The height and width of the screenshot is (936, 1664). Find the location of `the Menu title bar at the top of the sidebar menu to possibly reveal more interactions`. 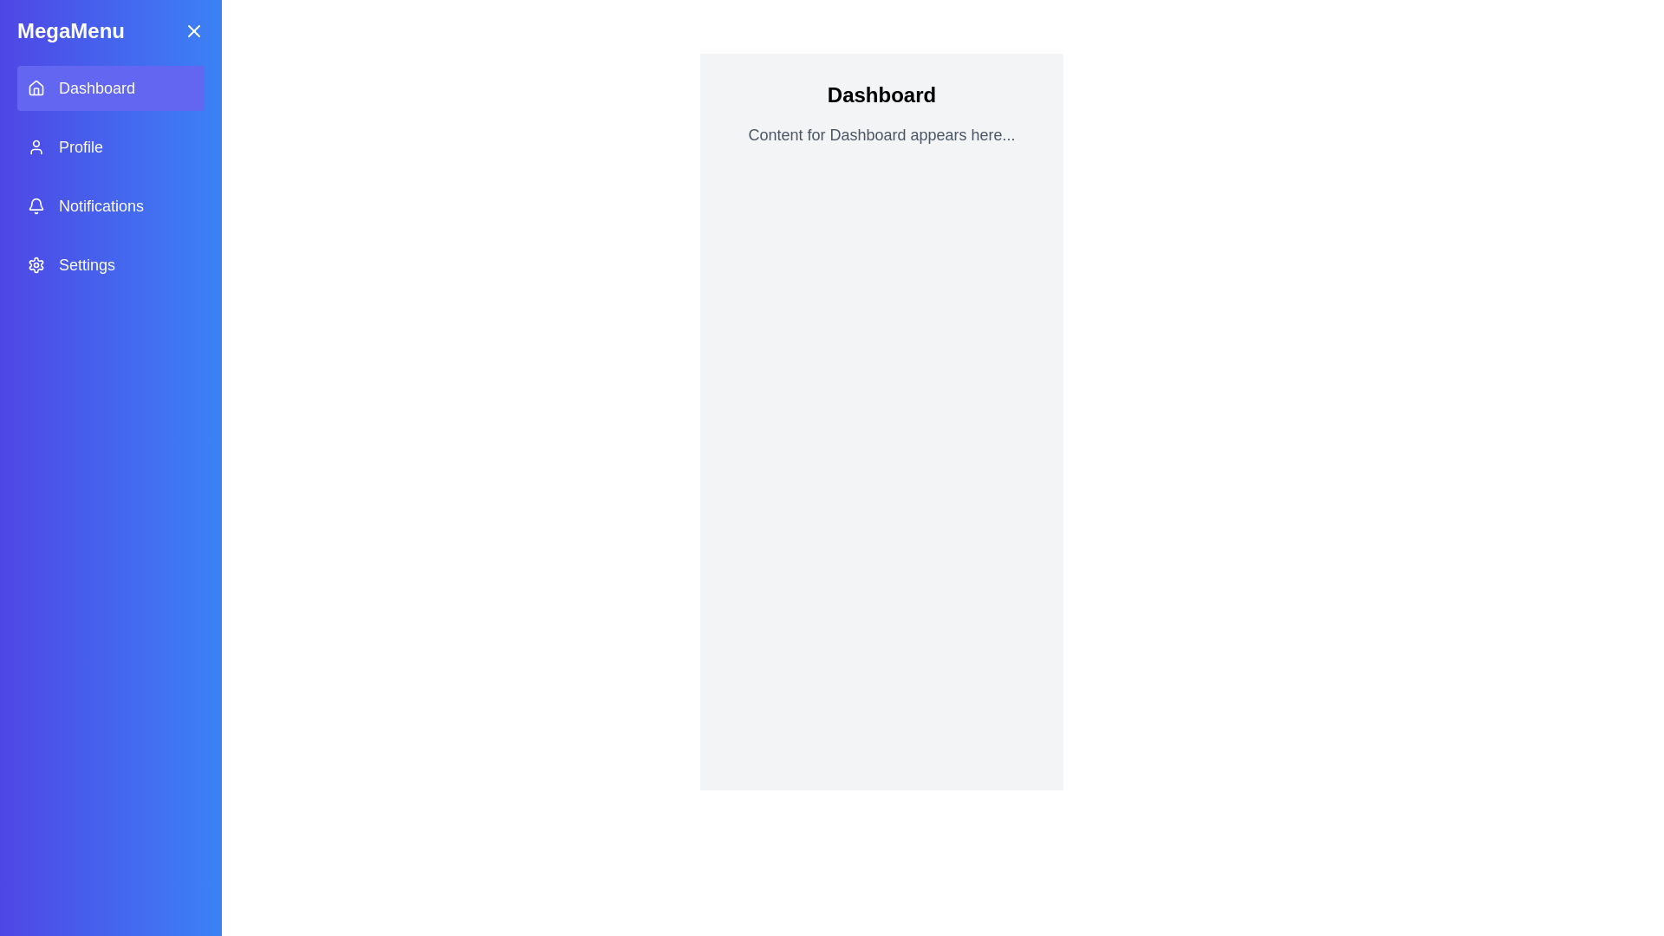

the Menu title bar at the top of the sidebar menu to possibly reveal more interactions is located at coordinates (110, 30).